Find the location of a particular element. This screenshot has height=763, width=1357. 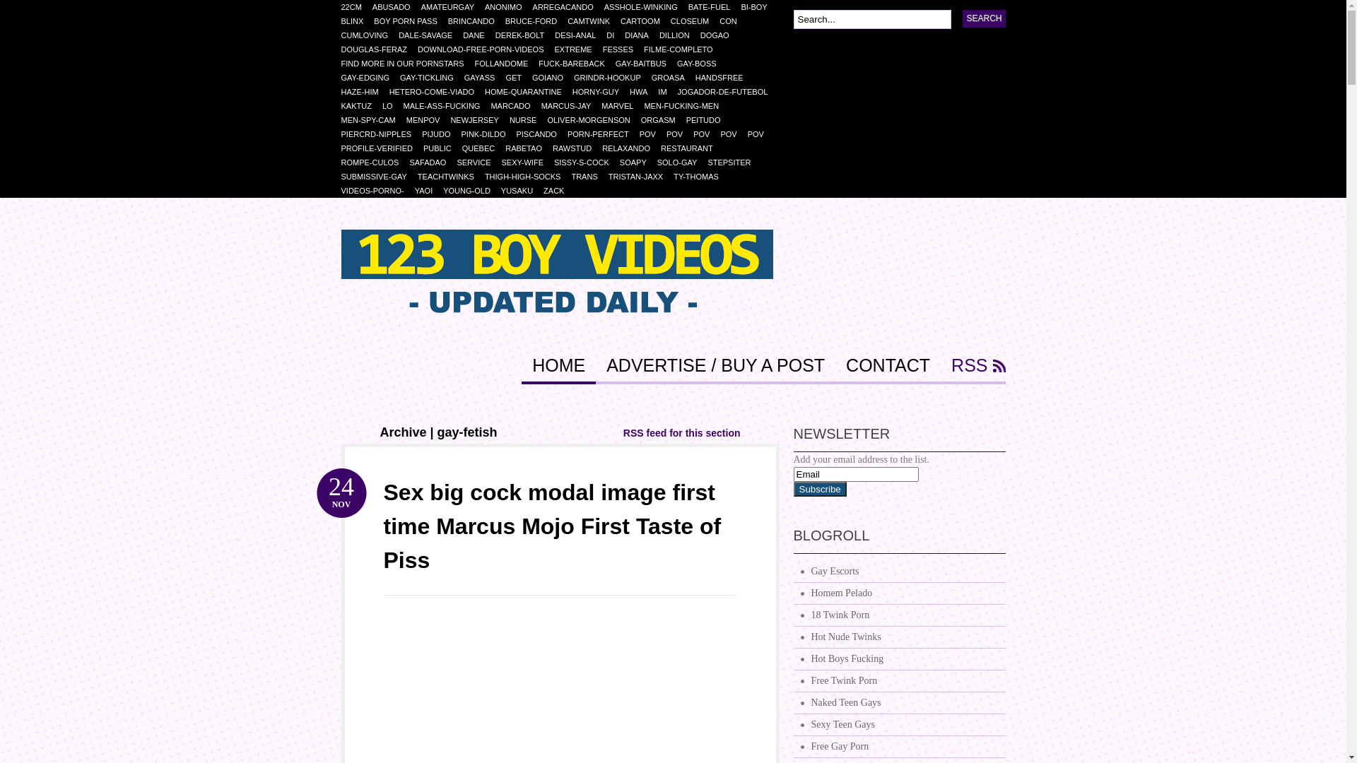

'QUEBEC' is located at coordinates (483, 148).